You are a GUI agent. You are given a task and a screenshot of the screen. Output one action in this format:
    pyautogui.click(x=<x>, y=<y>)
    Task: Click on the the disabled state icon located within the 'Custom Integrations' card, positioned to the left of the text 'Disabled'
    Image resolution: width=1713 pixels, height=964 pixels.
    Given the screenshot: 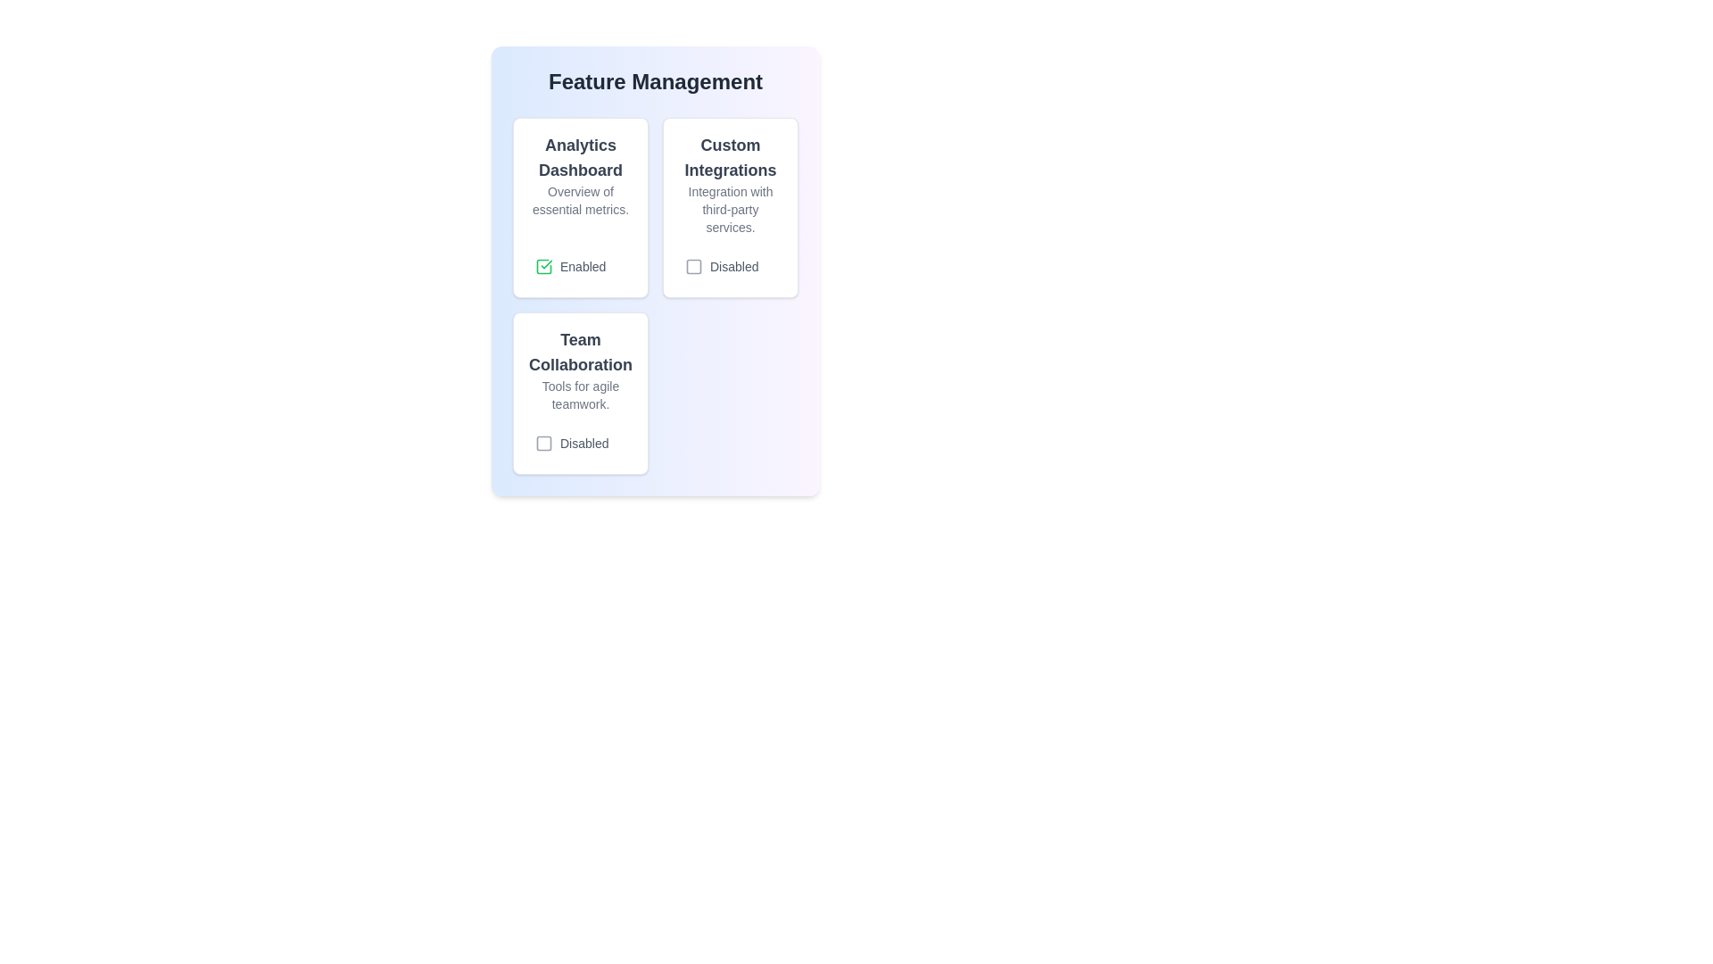 What is the action you would take?
    pyautogui.click(x=692, y=267)
    